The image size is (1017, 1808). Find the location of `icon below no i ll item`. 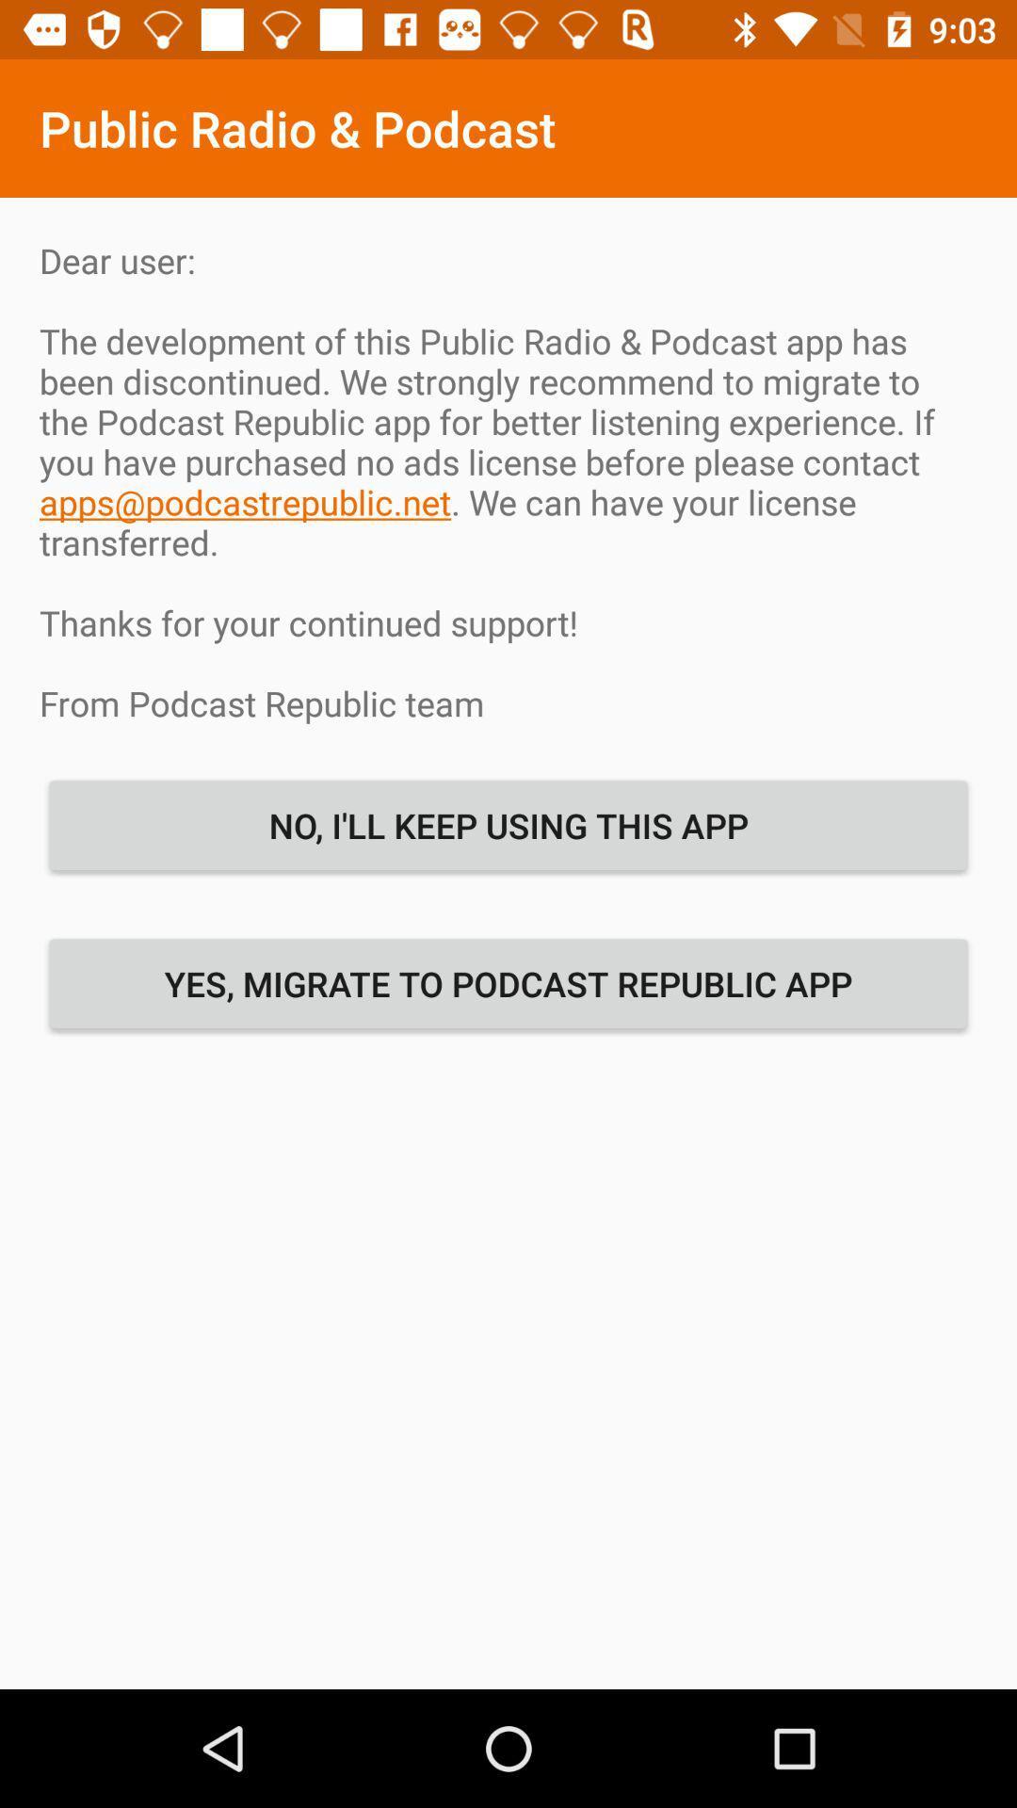

icon below no i ll item is located at coordinates (508, 982).